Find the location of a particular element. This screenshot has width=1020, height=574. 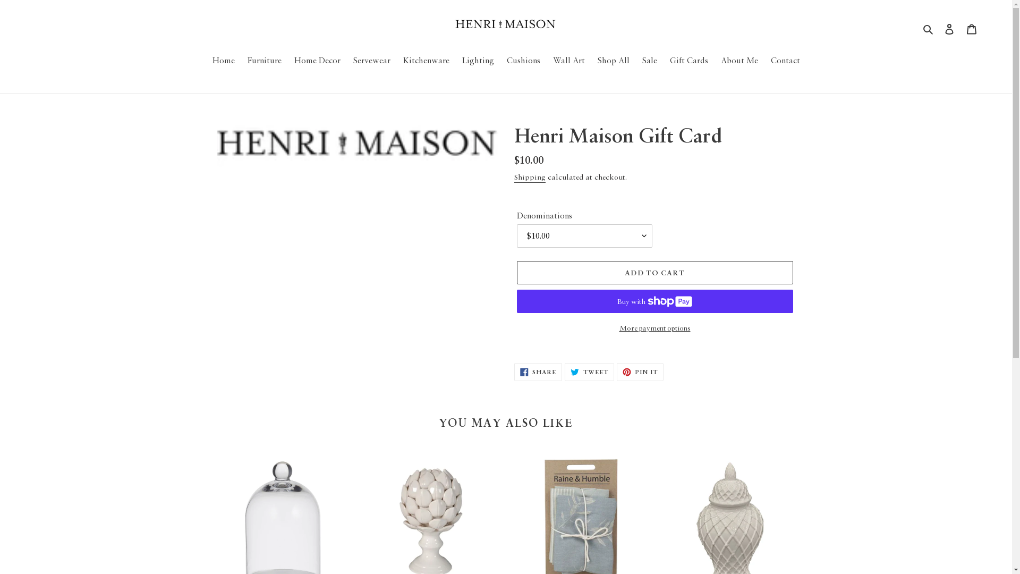

'Contact' is located at coordinates (785, 61).